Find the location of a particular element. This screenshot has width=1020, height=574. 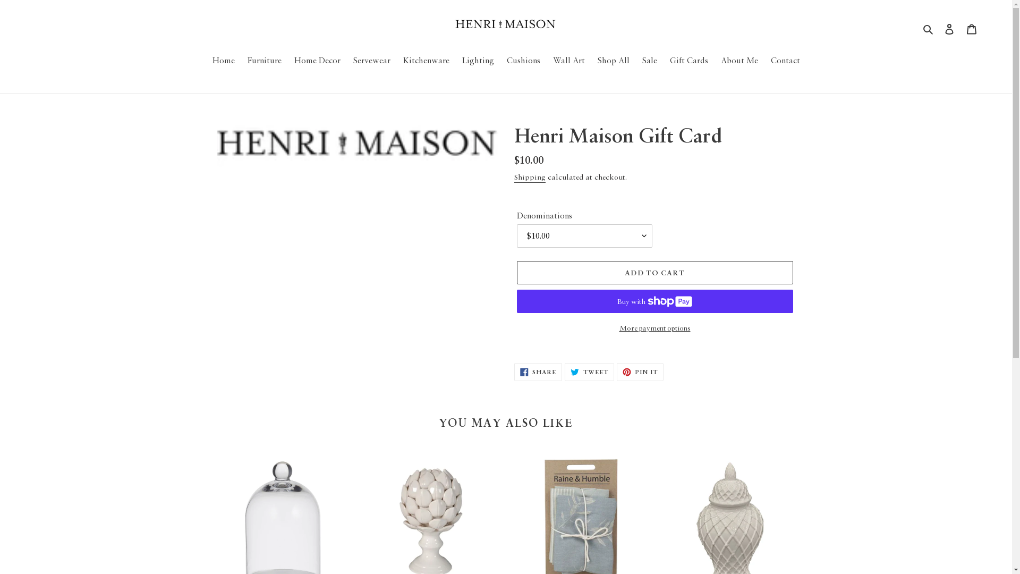

'Contact' is located at coordinates (785, 61).